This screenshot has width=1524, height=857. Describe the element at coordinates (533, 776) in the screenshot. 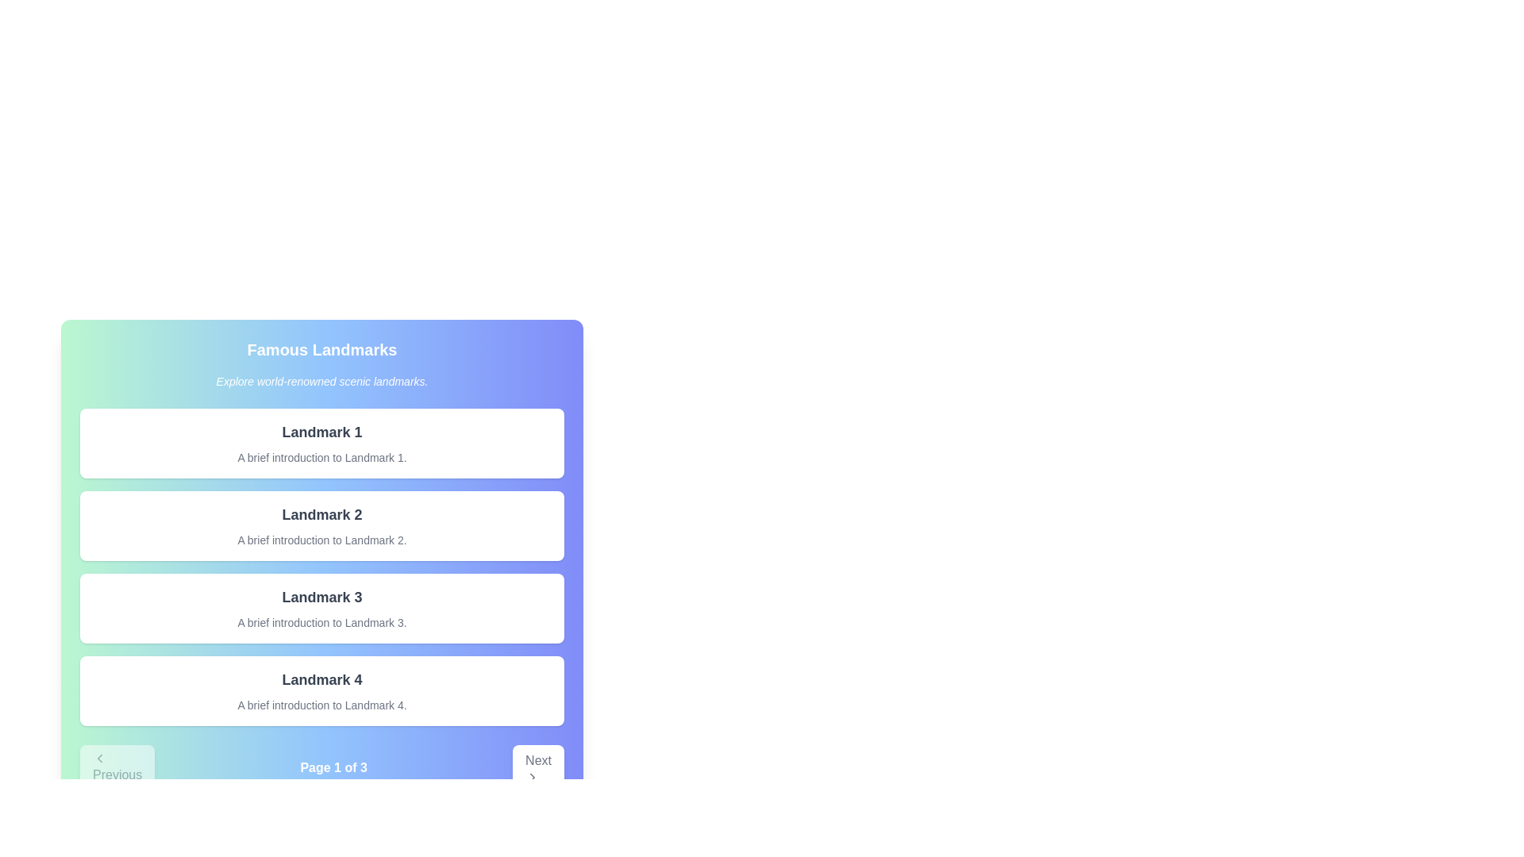

I see `the directional navigation icon located in the bottom-right corner of the interface, next to the 'Next' button` at that location.